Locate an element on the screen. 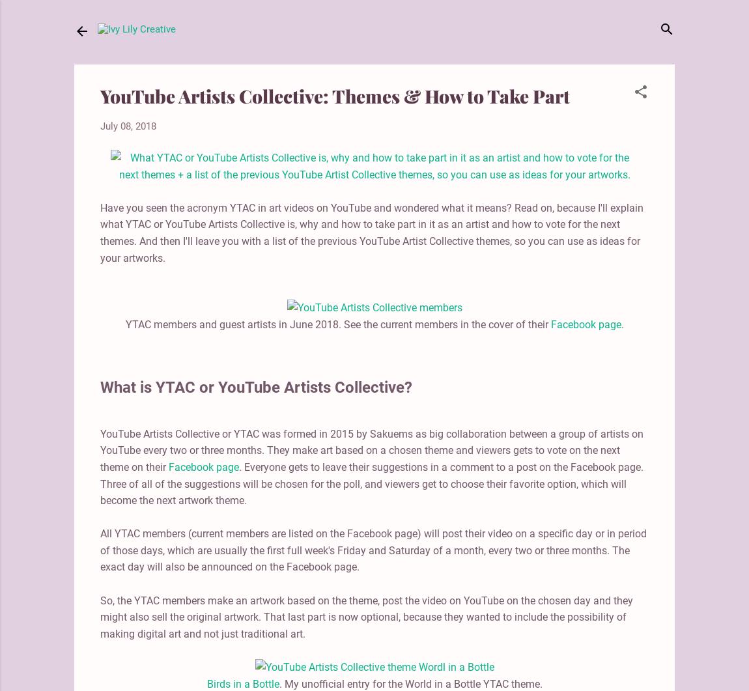  'YouTube Artists Collective: Themes & How to Take Part' is located at coordinates (335, 96).